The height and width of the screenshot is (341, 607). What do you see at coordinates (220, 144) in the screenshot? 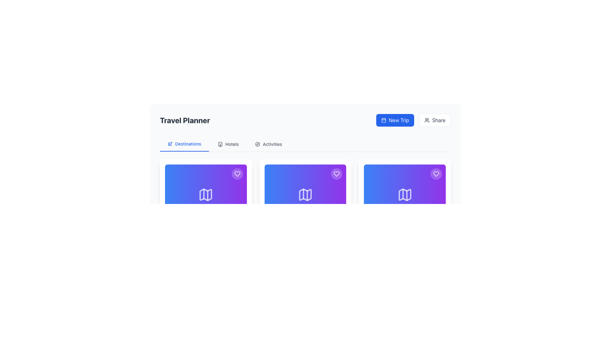
I see `the 'Hotels' icon in the navigation menu, which is the second icon in the horizontal menu at the top of the interface` at bounding box center [220, 144].